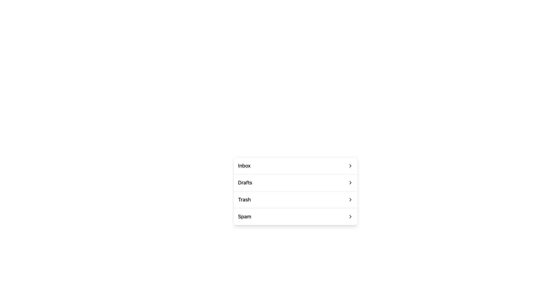  What do you see at coordinates (245, 183) in the screenshot?
I see `the bold 'Drafts' text label, which is the second item in a vertical list of menu options, ensuring the mouse pointer is positioned accurately above this clearly readable black text on a white background` at bounding box center [245, 183].